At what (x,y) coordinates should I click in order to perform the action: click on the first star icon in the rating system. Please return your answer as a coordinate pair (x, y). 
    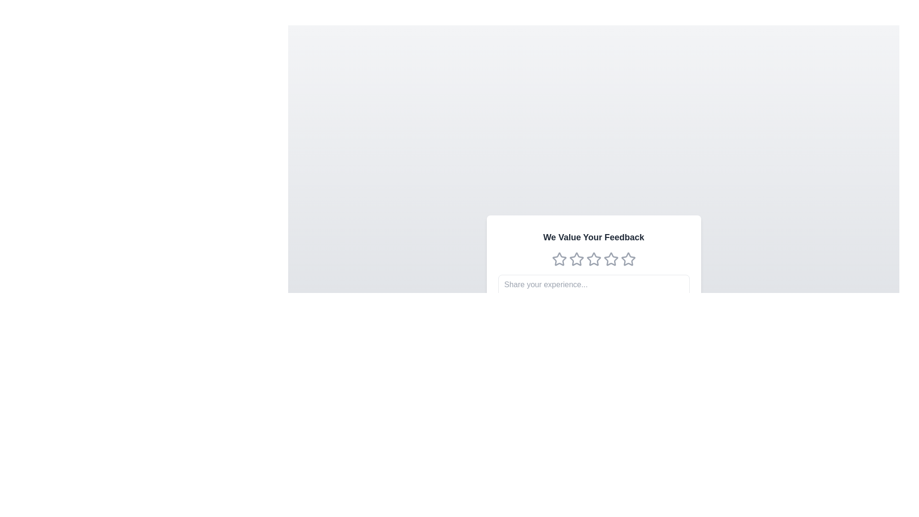
    Looking at the image, I should click on (559, 259).